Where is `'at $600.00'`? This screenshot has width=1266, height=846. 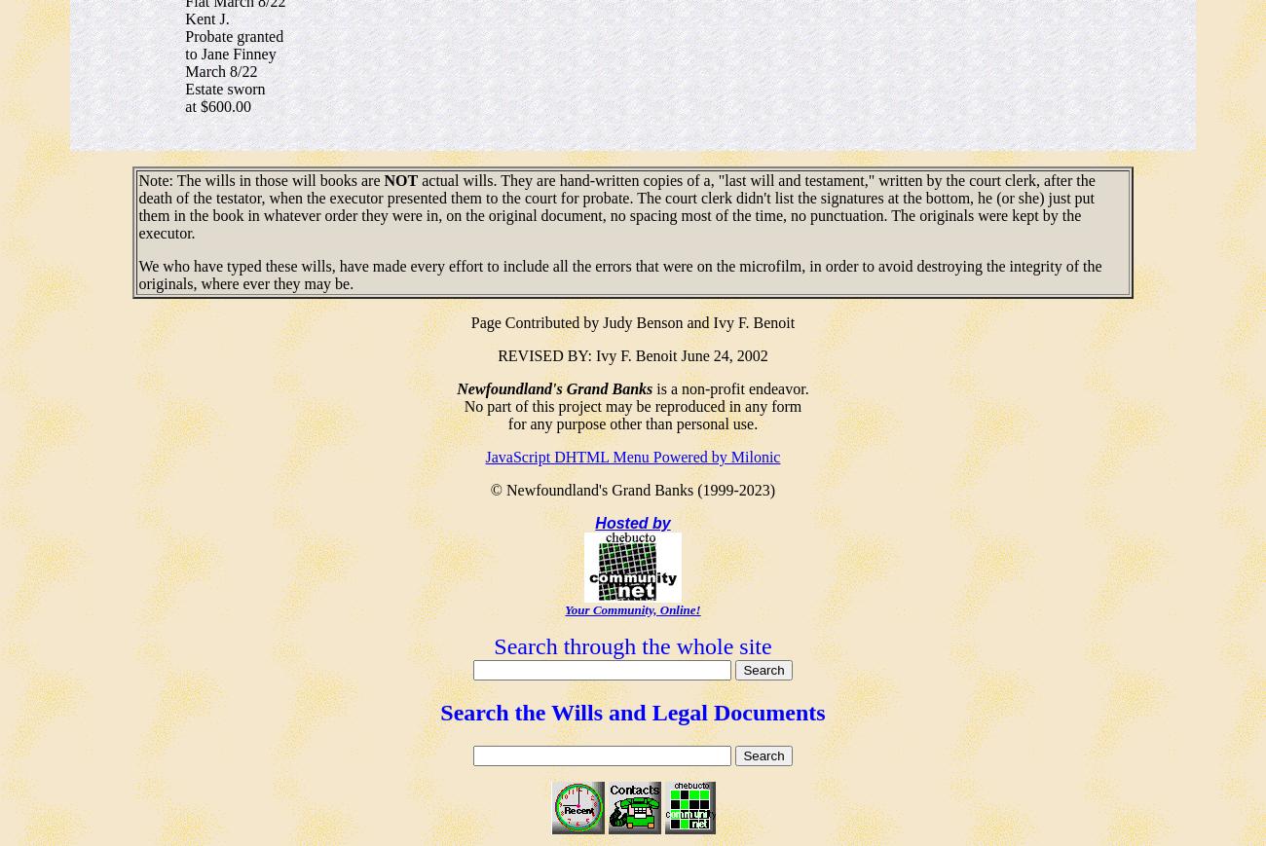
'at $600.00' is located at coordinates (216, 104).